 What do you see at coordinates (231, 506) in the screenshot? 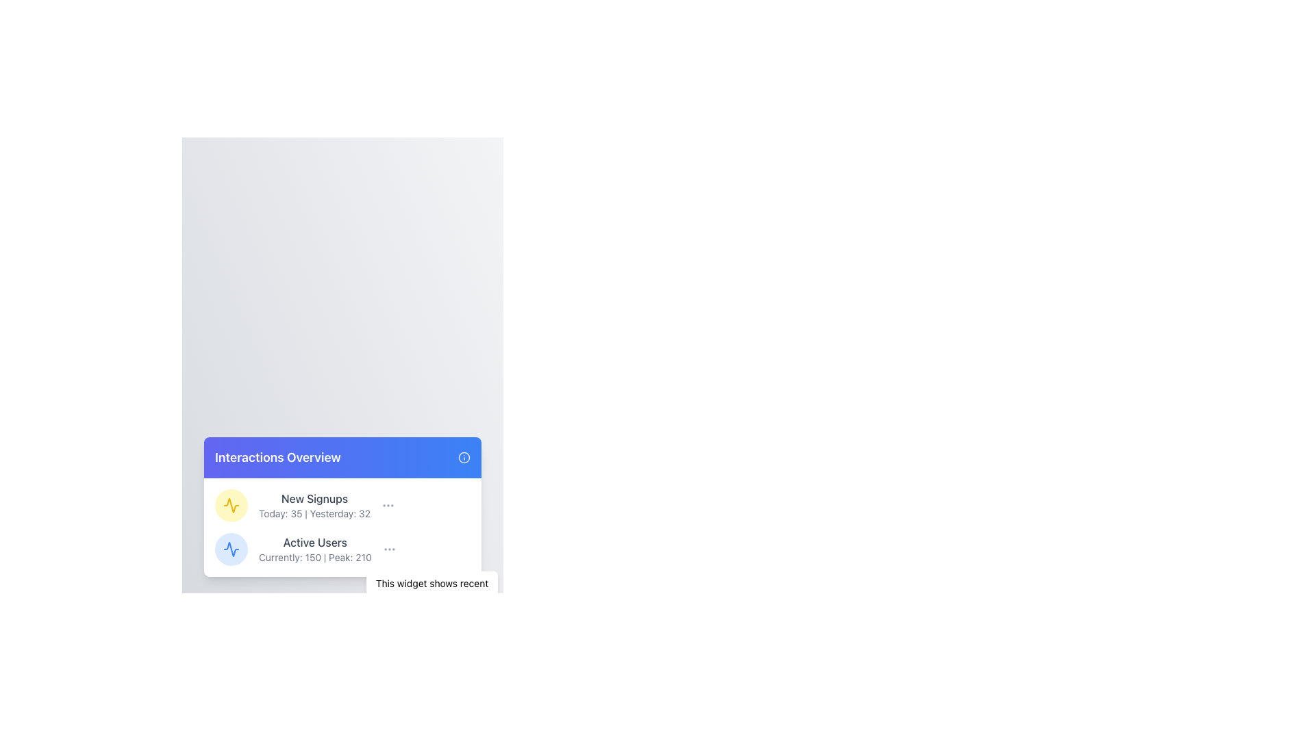
I see `the 'New Signups' icon located on the left side of the 'New Signups' card in the 'Interactions Overview' widget for information` at bounding box center [231, 506].